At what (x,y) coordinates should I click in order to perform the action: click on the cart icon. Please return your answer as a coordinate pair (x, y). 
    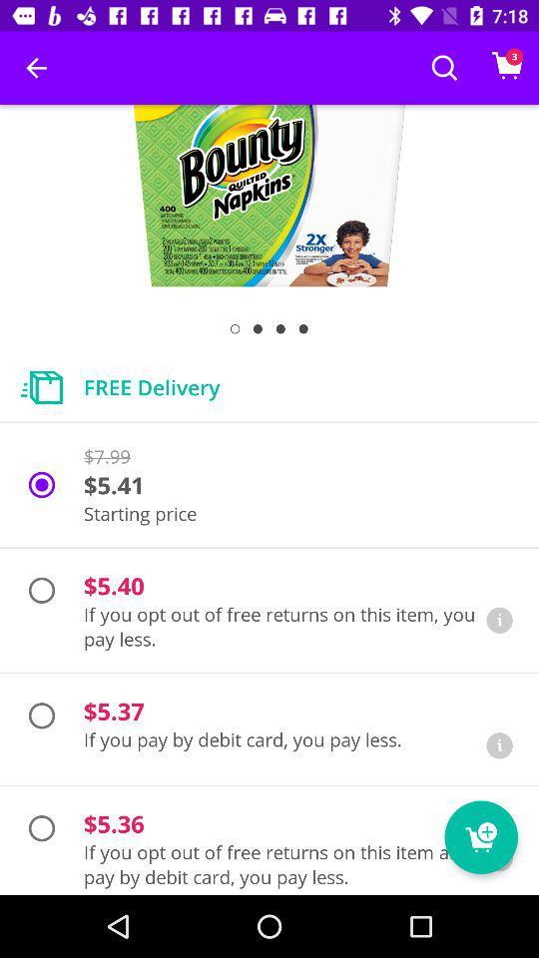
    Looking at the image, I should click on (480, 837).